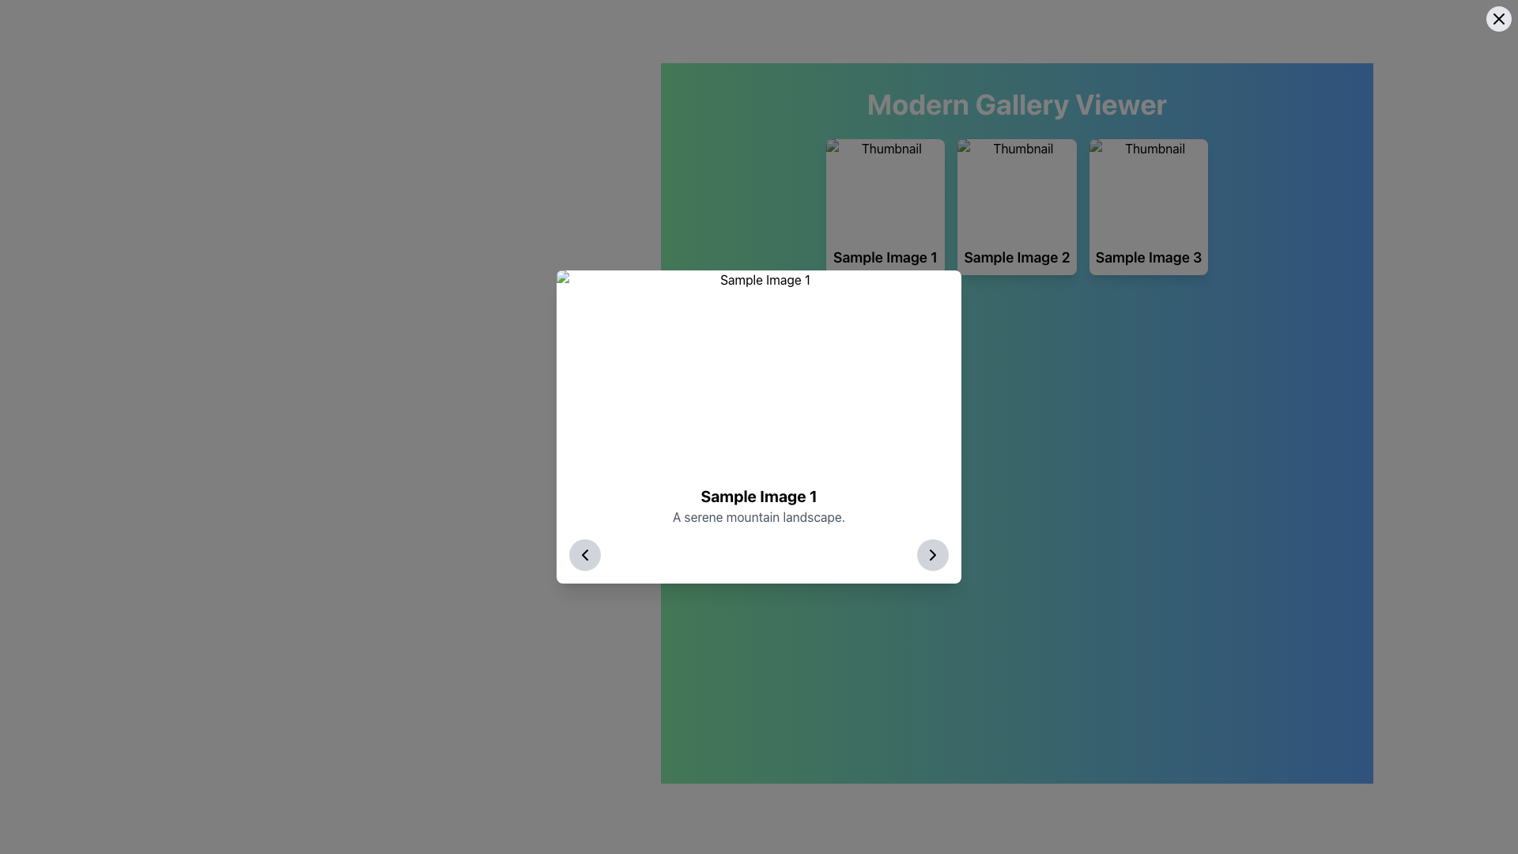 Image resolution: width=1518 pixels, height=854 pixels. What do you see at coordinates (1017, 206) in the screenshot?
I see `the interactive card component` at bounding box center [1017, 206].